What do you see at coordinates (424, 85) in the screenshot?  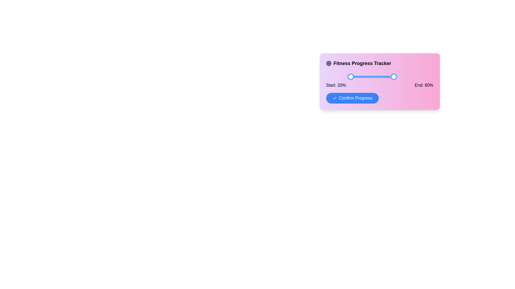 I see `the static text label displaying 'End: 60%' which is positioned to the right of the progress bar within a gradient background card` at bounding box center [424, 85].